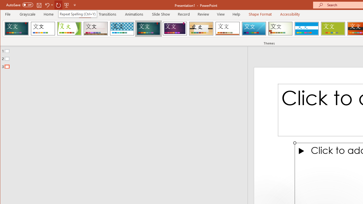  Describe the element at coordinates (122, 28) in the screenshot. I see `'Integral'` at that location.